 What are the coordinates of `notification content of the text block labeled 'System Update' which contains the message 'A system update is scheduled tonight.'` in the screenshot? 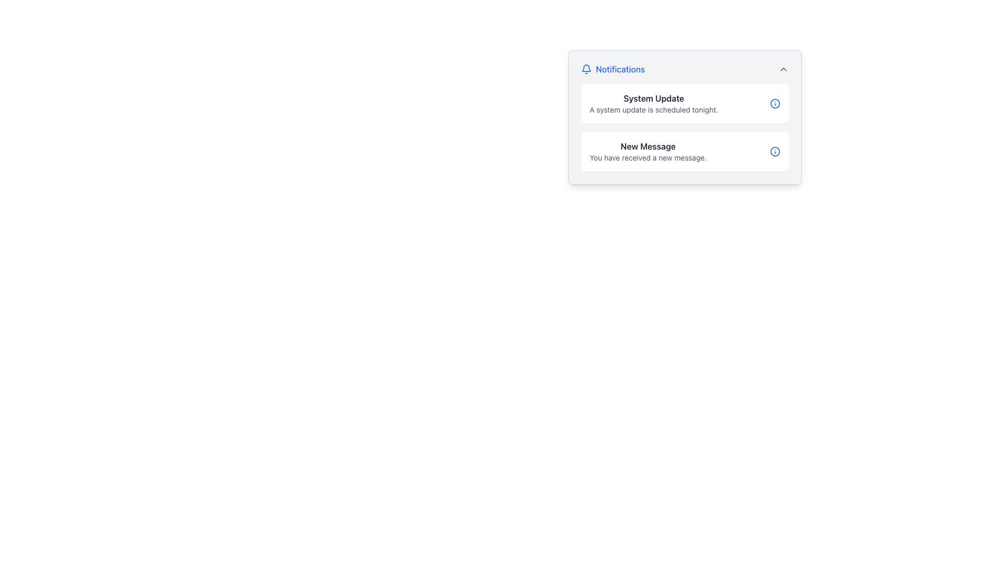 It's located at (653, 104).